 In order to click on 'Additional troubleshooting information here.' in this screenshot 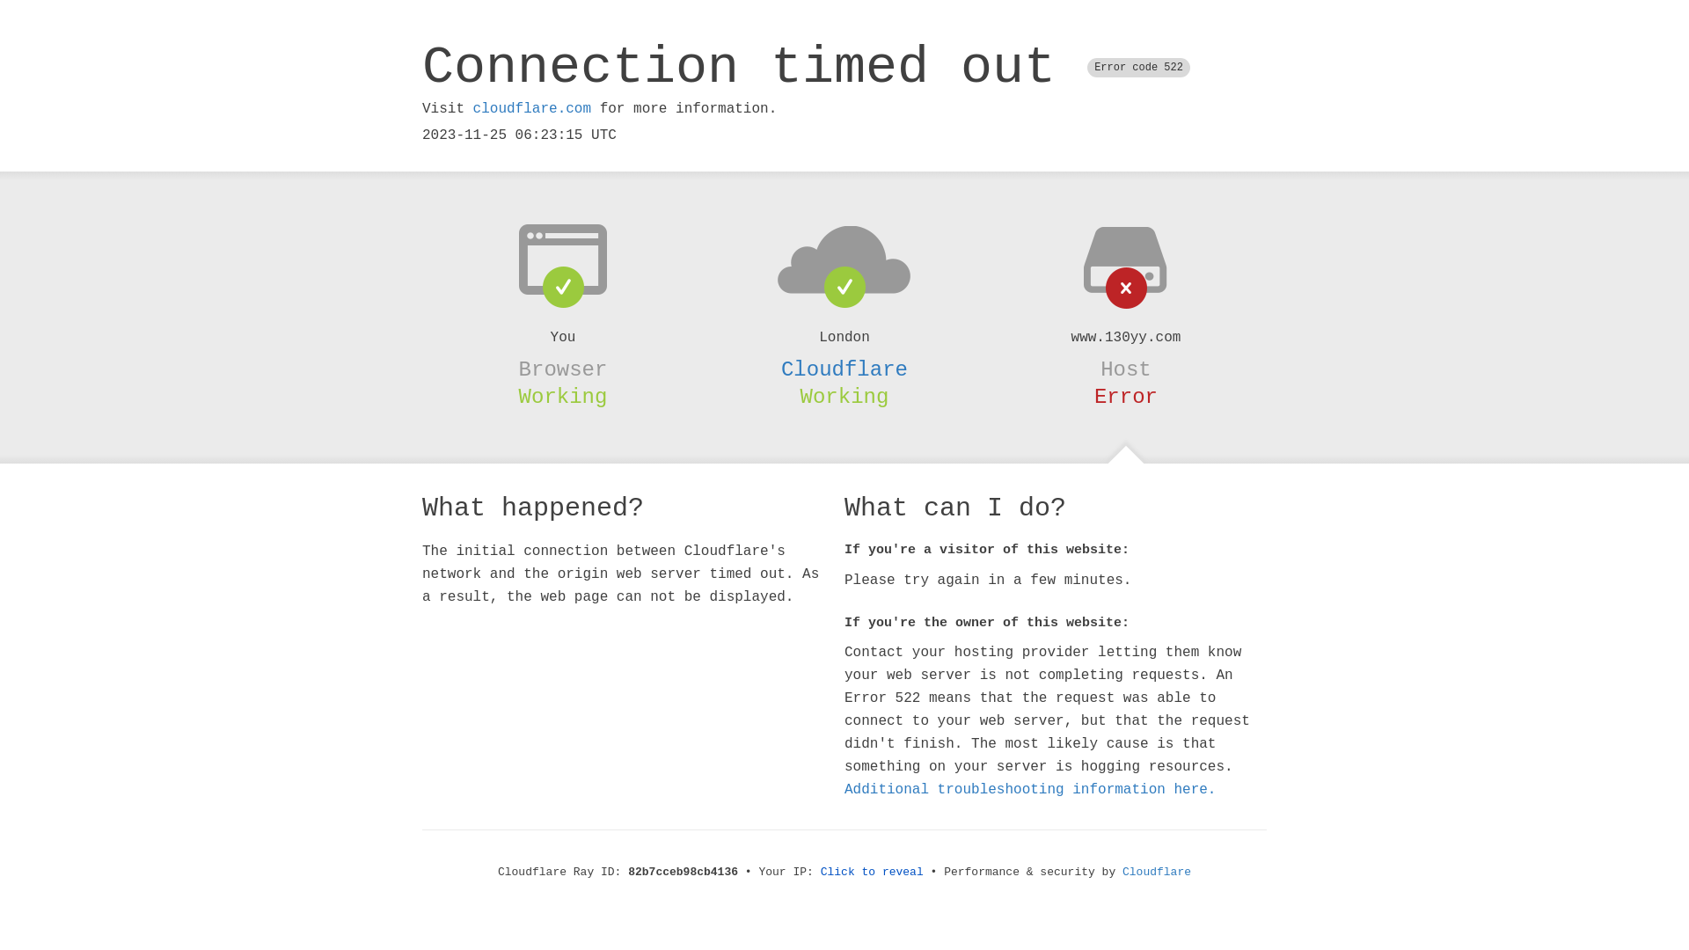, I will do `click(1030, 789)`.